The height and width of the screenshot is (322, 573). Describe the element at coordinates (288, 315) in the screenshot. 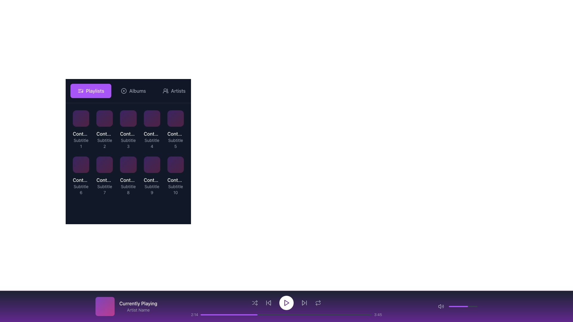

I see `progress` at that location.